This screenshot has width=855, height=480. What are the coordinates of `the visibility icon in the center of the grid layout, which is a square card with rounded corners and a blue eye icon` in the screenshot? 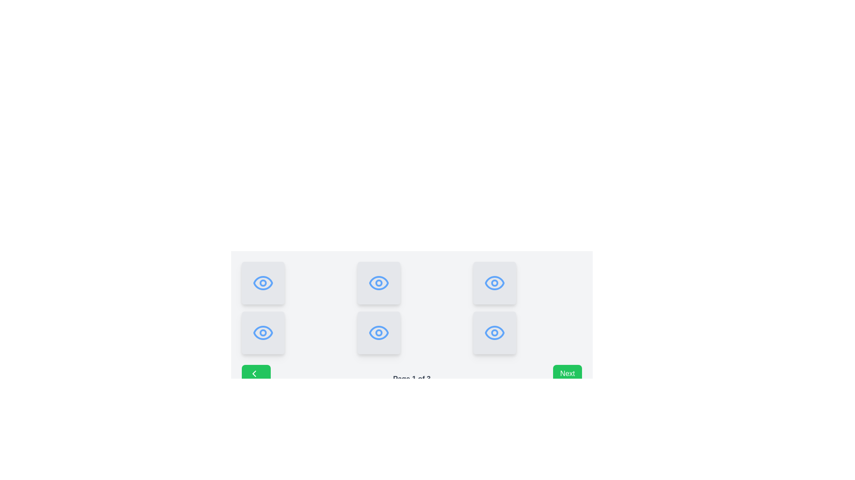 It's located at (379, 332).